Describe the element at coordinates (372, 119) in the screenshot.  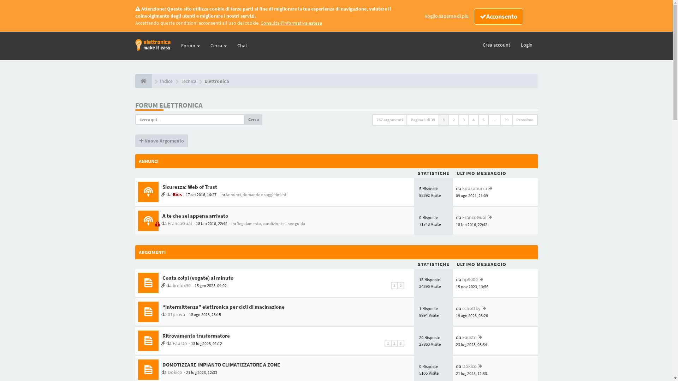
I see `'767 argomenti'` at that location.